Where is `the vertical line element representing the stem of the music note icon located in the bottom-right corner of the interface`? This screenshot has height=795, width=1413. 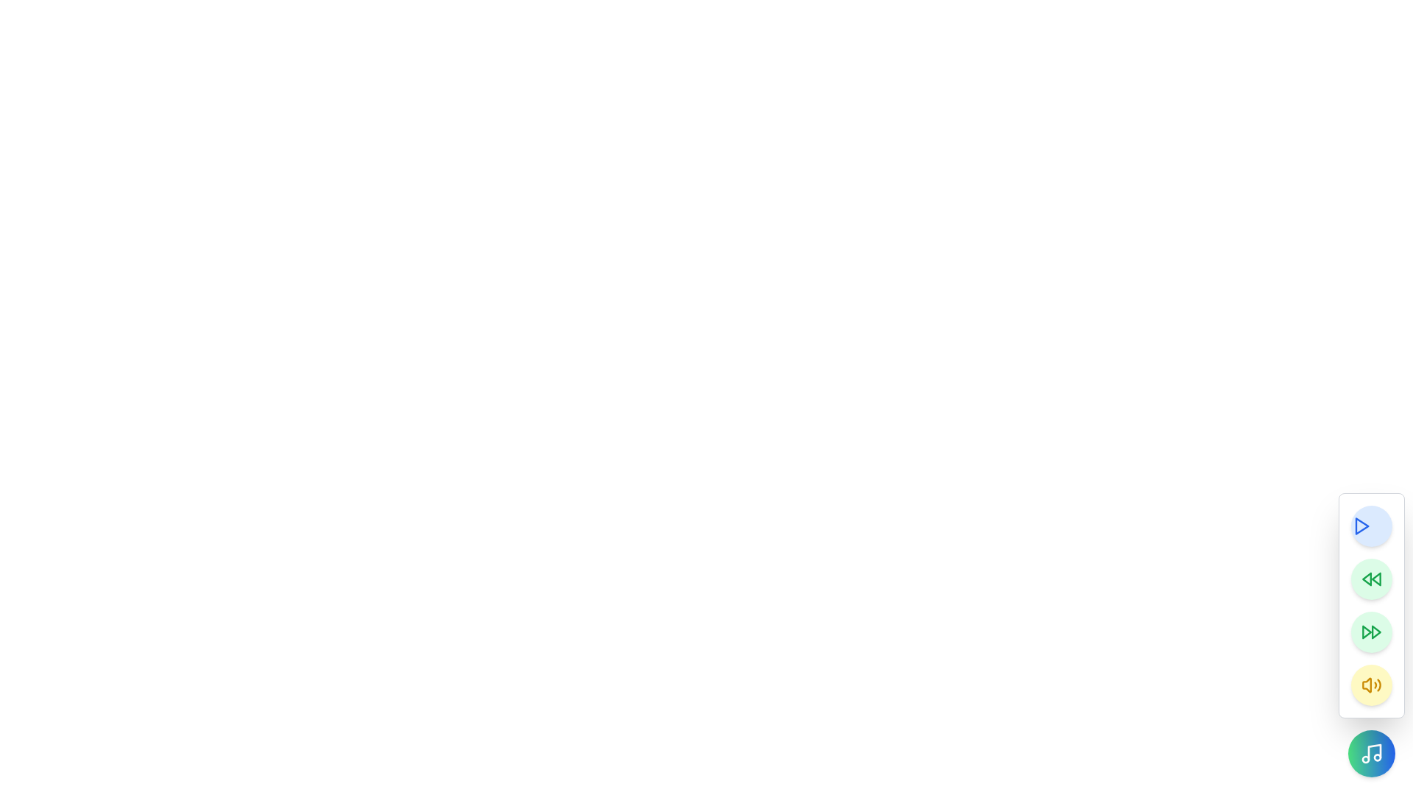 the vertical line element representing the stem of the music note icon located in the bottom-right corner of the interface is located at coordinates (1373, 752).